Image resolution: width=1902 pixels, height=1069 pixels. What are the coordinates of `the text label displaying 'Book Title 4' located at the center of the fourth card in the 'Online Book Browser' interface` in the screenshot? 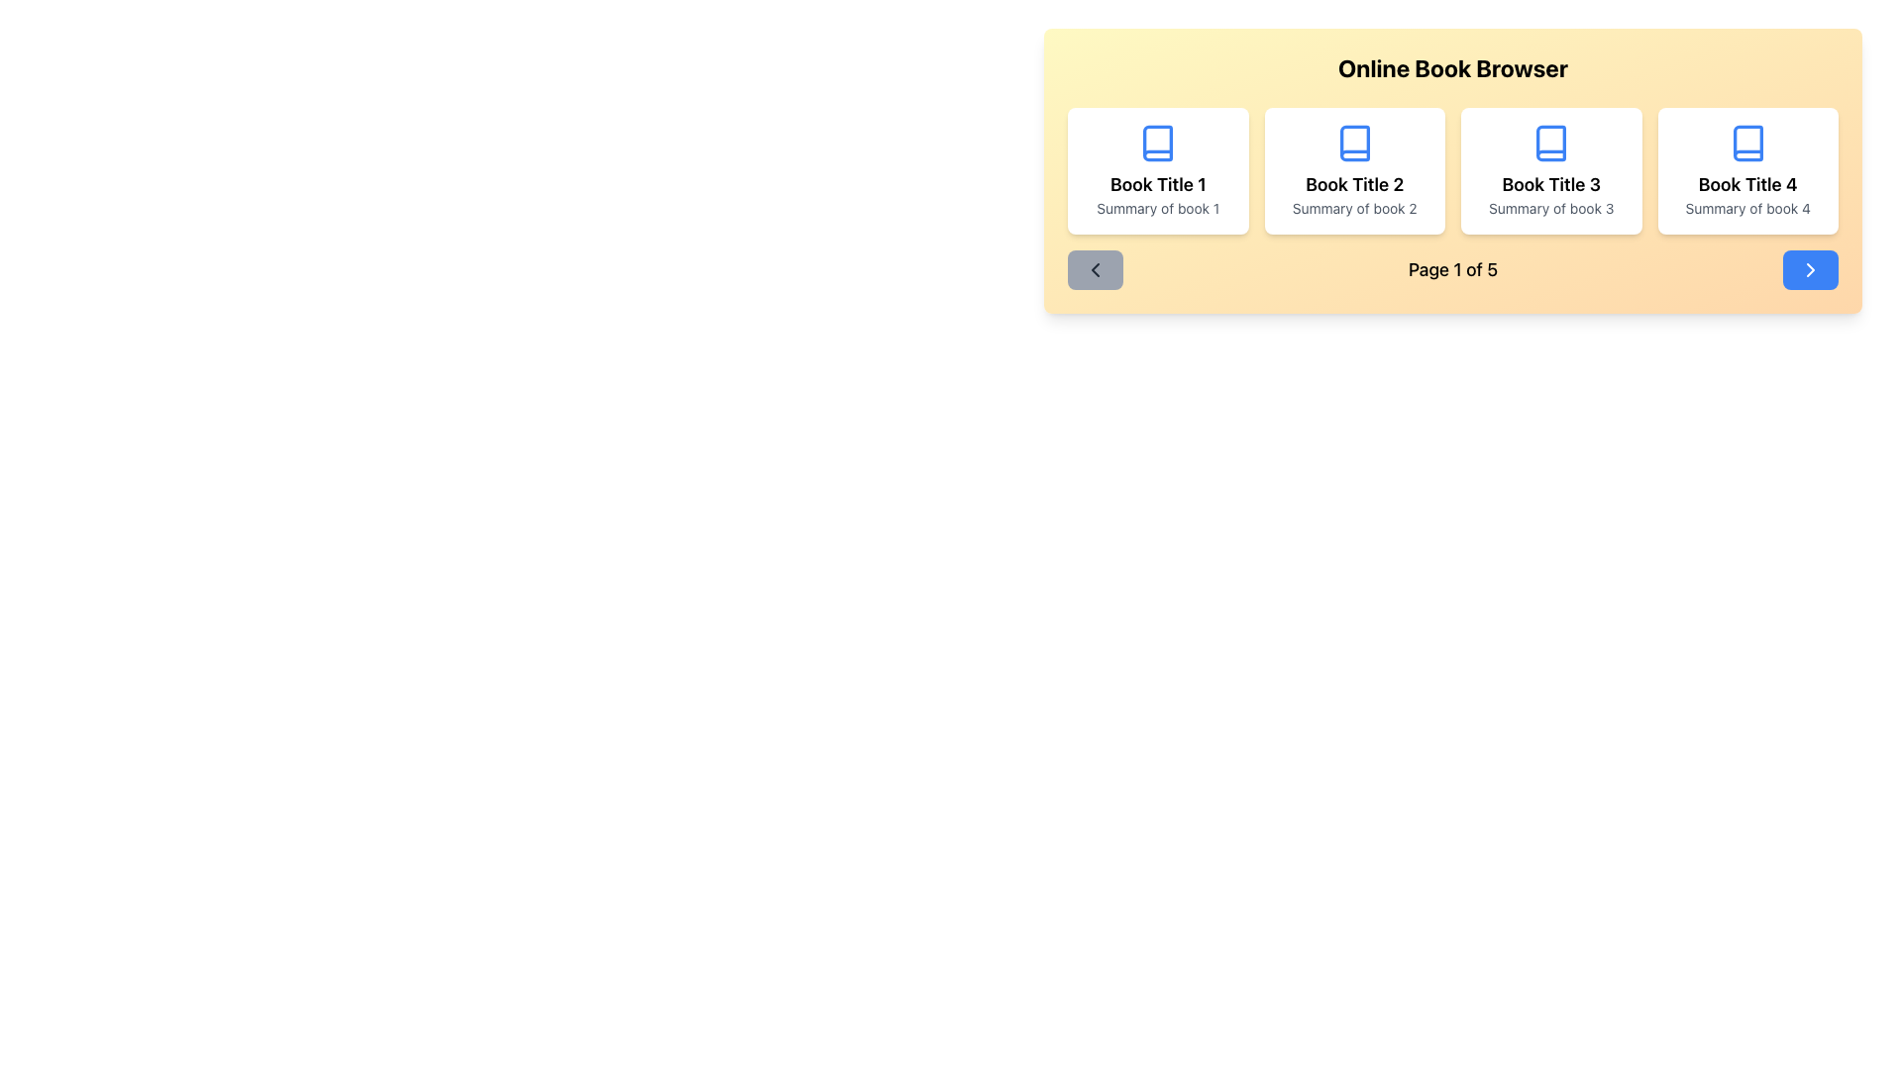 It's located at (1747, 184).